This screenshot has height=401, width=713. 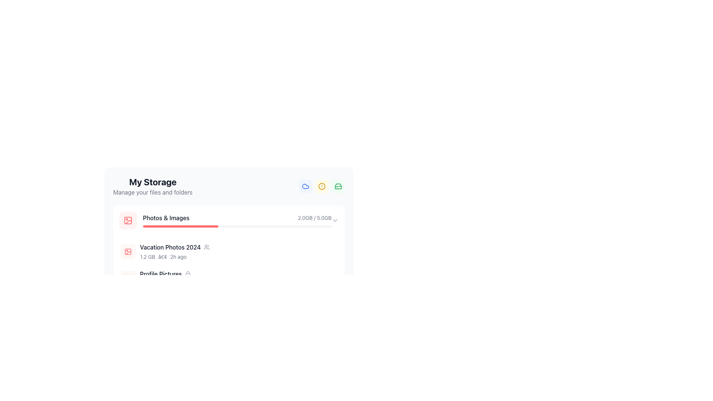 What do you see at coordinates (229, 278) in the screenshot?
I see `the List item titled 'Profile Pictures'` at bounding box center [229, 278].